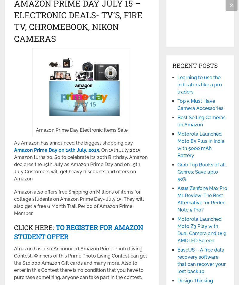 This screenshot has width=239, height=285. I want to click on 'Amazon Prime Day on 15', so click(13, 150).